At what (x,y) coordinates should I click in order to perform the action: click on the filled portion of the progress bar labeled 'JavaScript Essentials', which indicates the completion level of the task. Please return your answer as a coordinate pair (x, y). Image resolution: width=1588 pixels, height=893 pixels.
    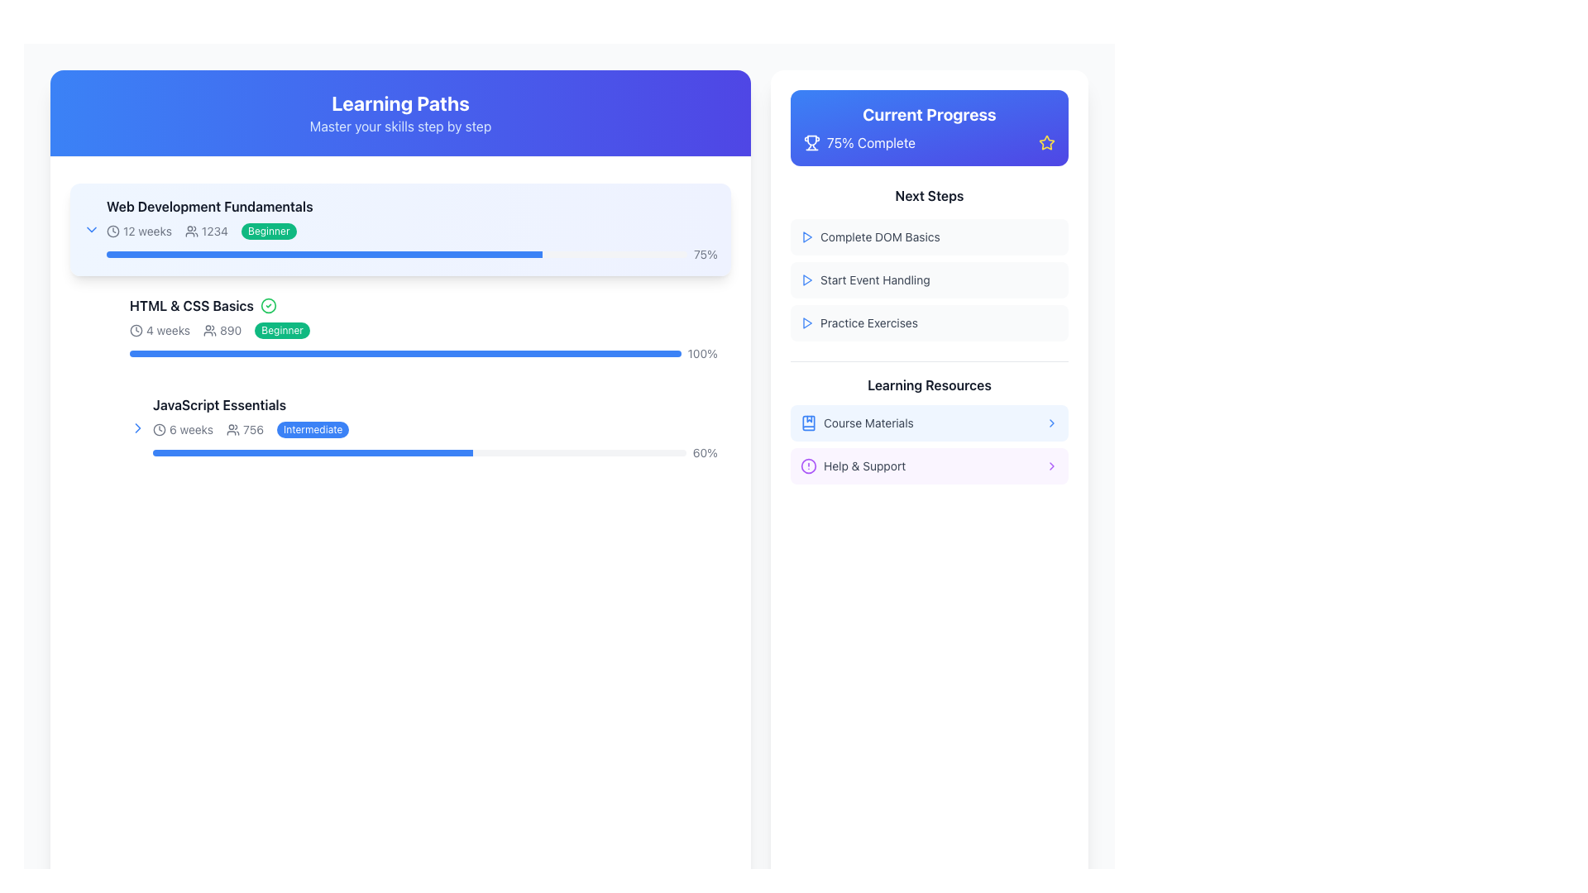
    Looking at the image, I should click on (313, 452).